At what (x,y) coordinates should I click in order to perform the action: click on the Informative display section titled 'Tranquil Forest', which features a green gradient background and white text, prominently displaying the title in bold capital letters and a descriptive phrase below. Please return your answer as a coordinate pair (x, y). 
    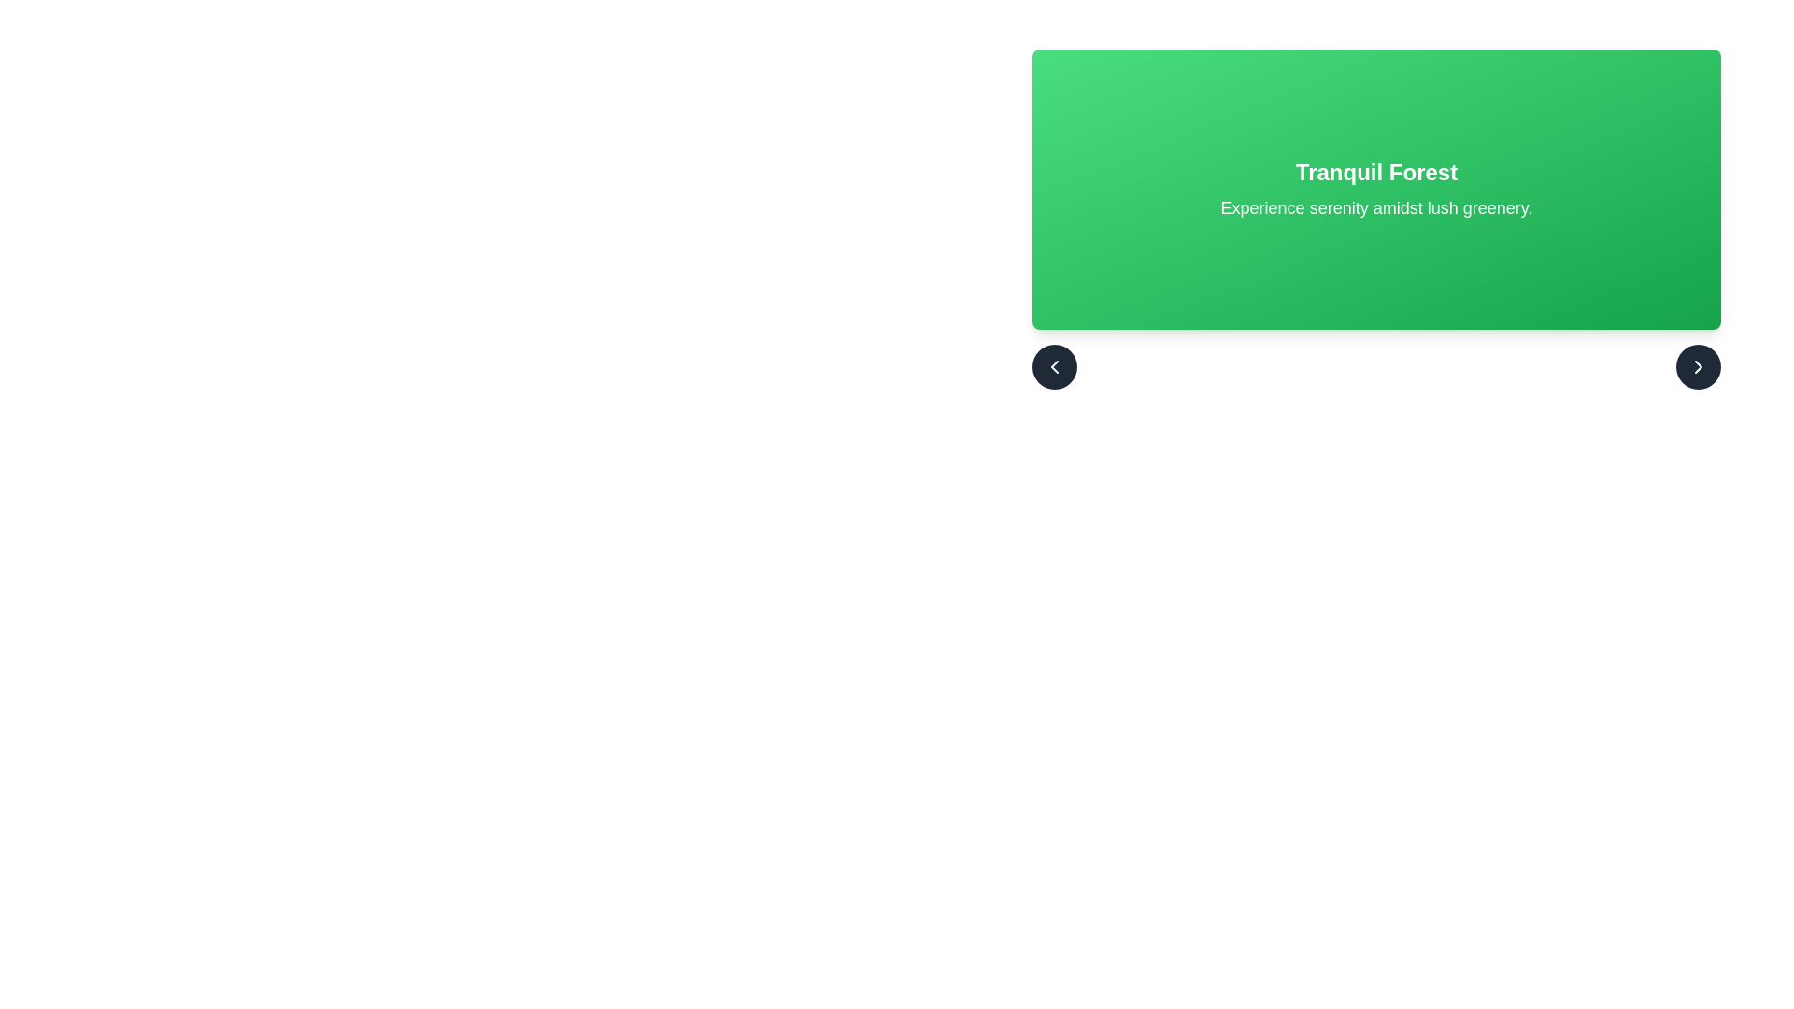
    Looking at the image, I should click on (1376, 190).